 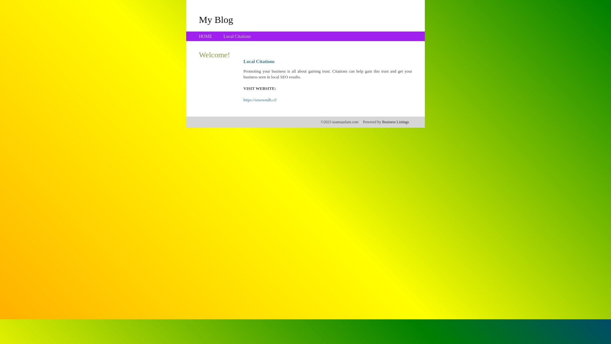 I want to click on 'Local Citations', so click(x=236, y=36).